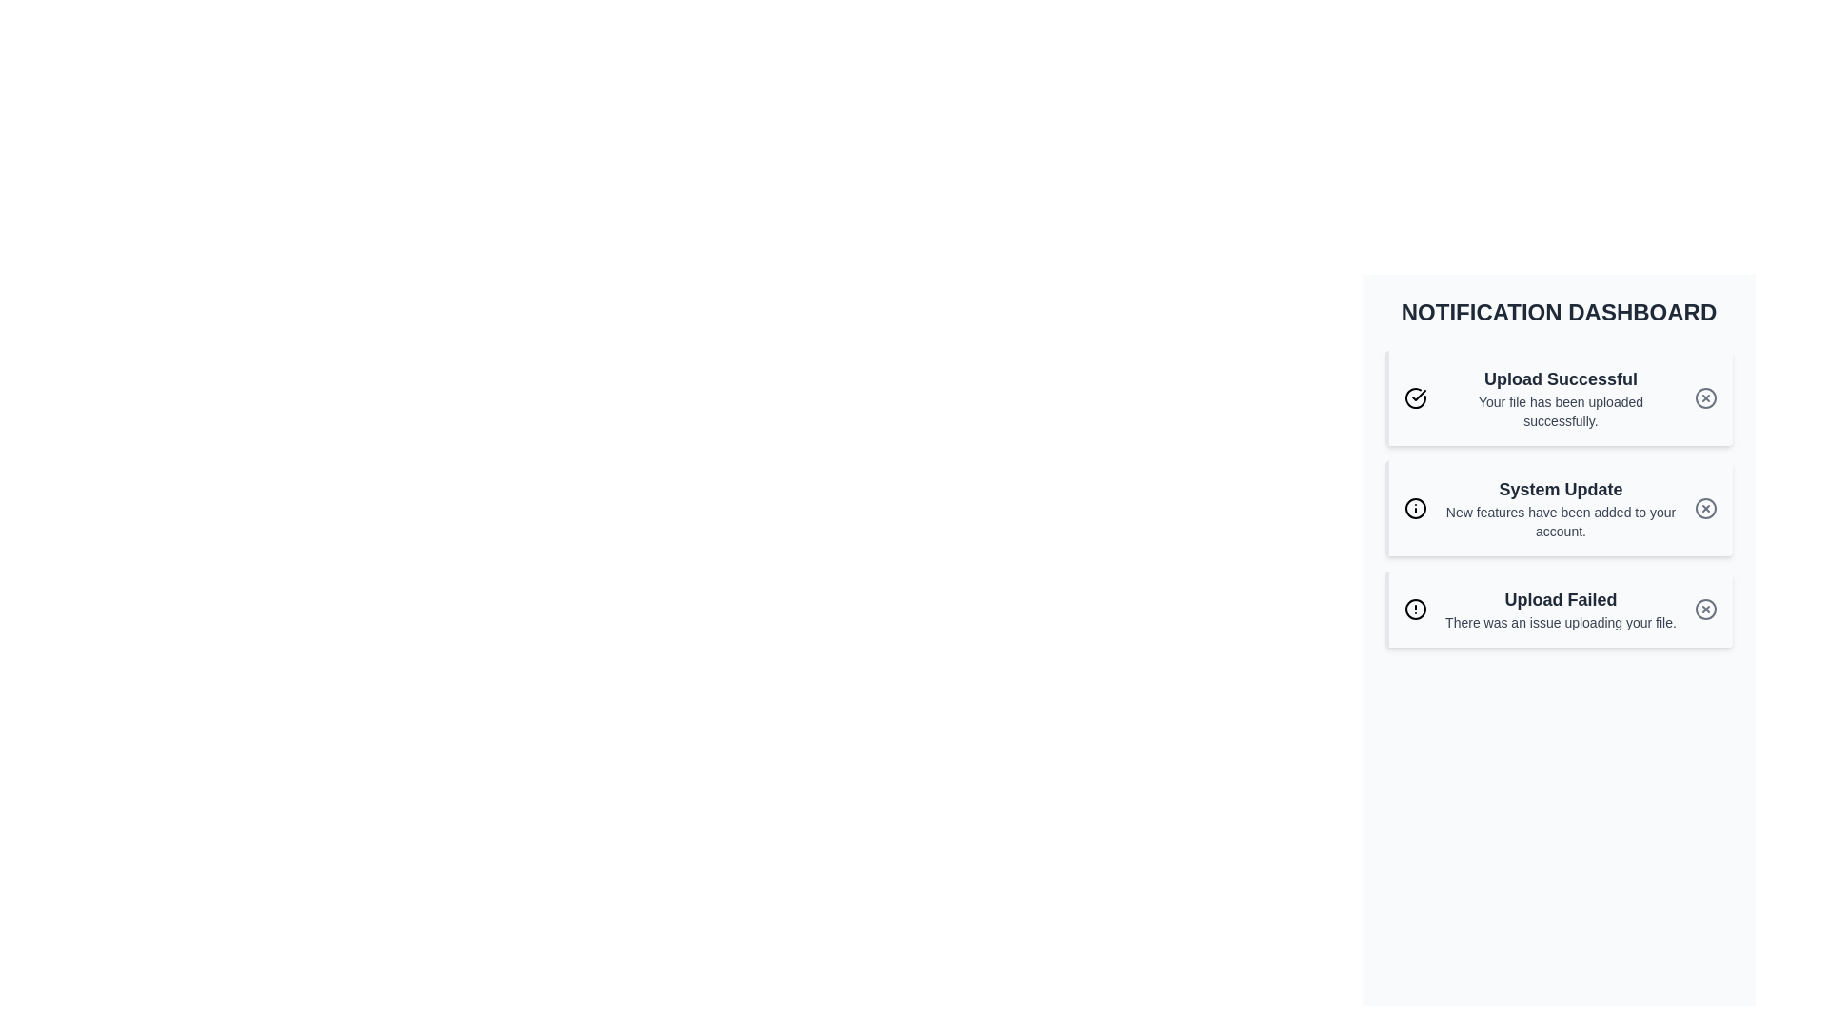  What do you see at coordinates (1559, 497) in the screenshot?
I see `the Informational Notification block titled 'System Update' with the message 'New features have been added to your account.'` at bounding box center [1559, 497].